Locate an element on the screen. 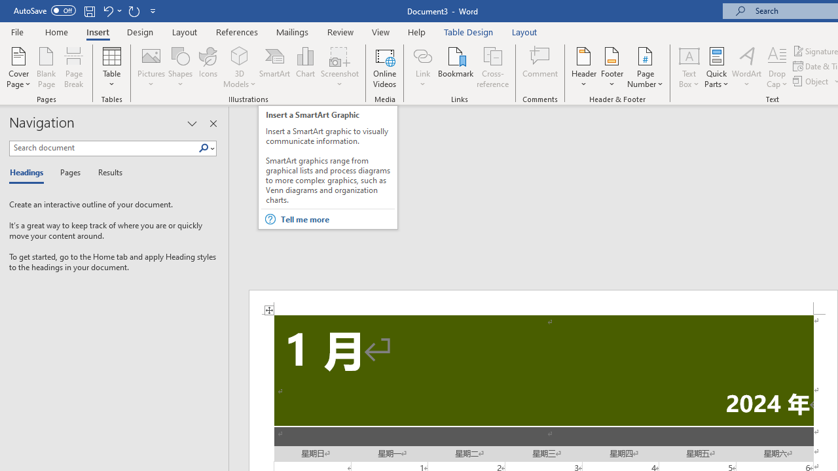 The image size is (838, 471). 'Link' is located at coordinates (422, 55).